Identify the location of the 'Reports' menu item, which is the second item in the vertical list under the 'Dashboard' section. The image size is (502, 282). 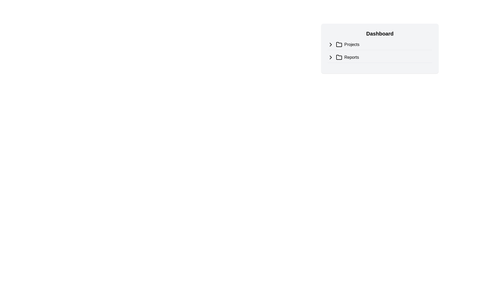
(380, 58).